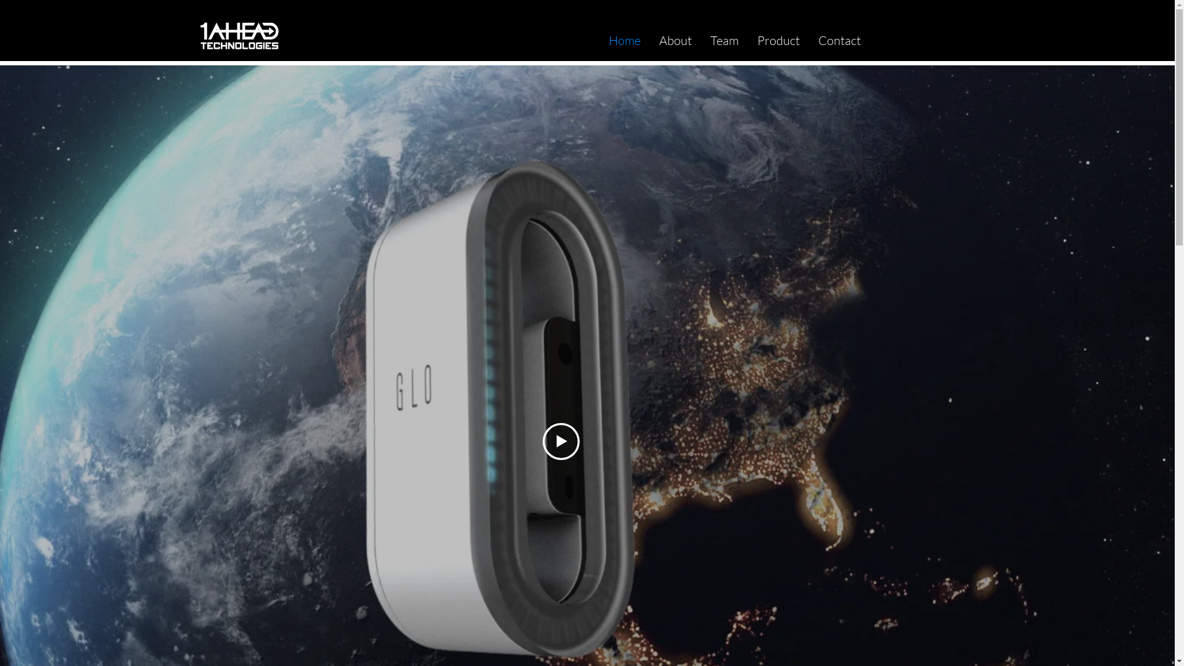 This screenshot has width=1184, height=666. I want to click on 'Home', so click(624, 39).